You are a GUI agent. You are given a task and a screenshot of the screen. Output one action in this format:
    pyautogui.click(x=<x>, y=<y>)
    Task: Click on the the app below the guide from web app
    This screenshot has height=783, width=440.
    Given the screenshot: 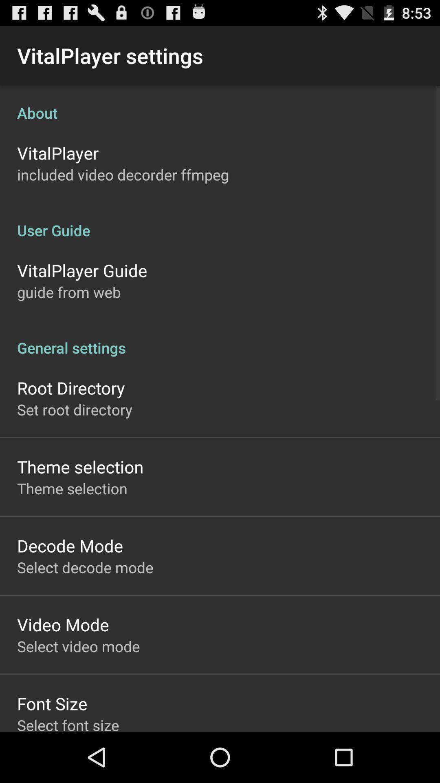 What is the action you would take?
    pyautogui.click(x=220, y=339)
    